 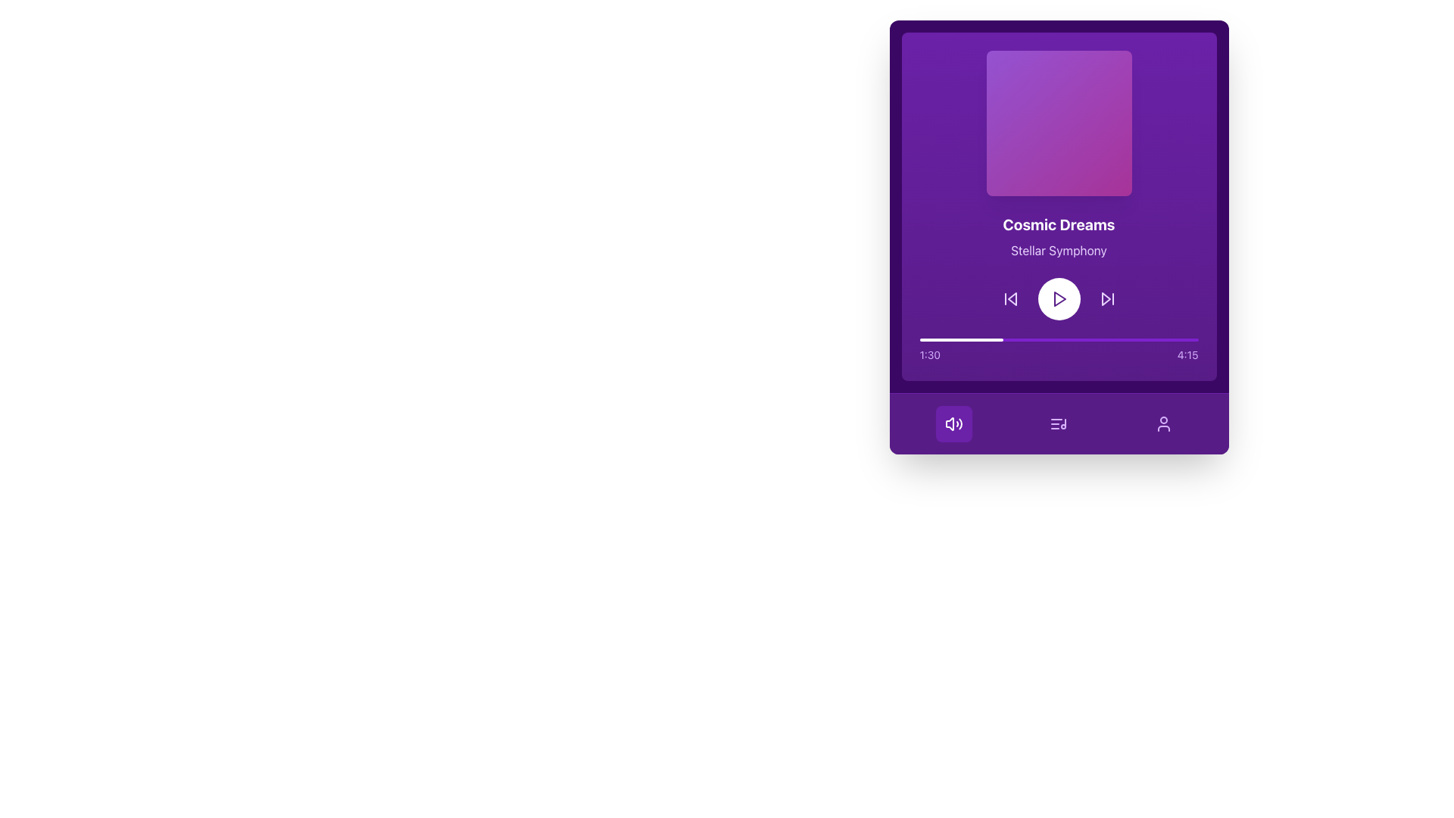 What do you see at coordinates (927, 339) in the screenshot?
I see `the slider position` at bounding box center [927, 339].